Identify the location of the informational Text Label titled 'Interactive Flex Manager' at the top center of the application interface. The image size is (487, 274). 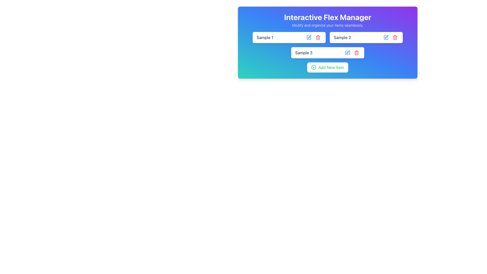
(327, 17).